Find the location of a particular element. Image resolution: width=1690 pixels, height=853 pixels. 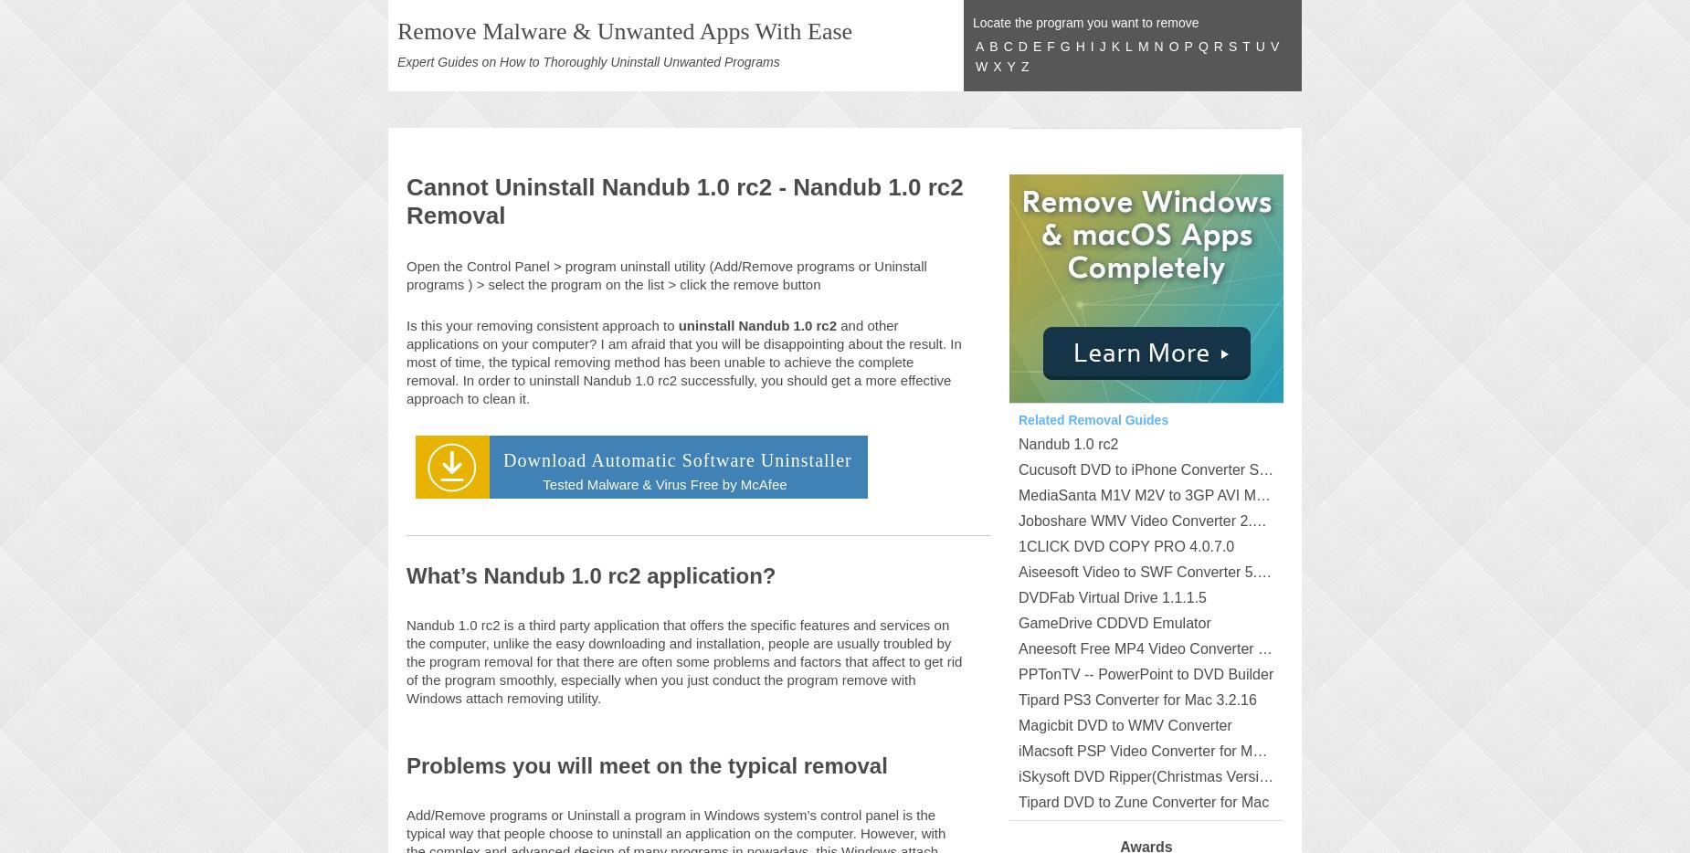

'1CLICK DVD COPY PRO 4.0.7.0' is located at coordinates (1017, 545).